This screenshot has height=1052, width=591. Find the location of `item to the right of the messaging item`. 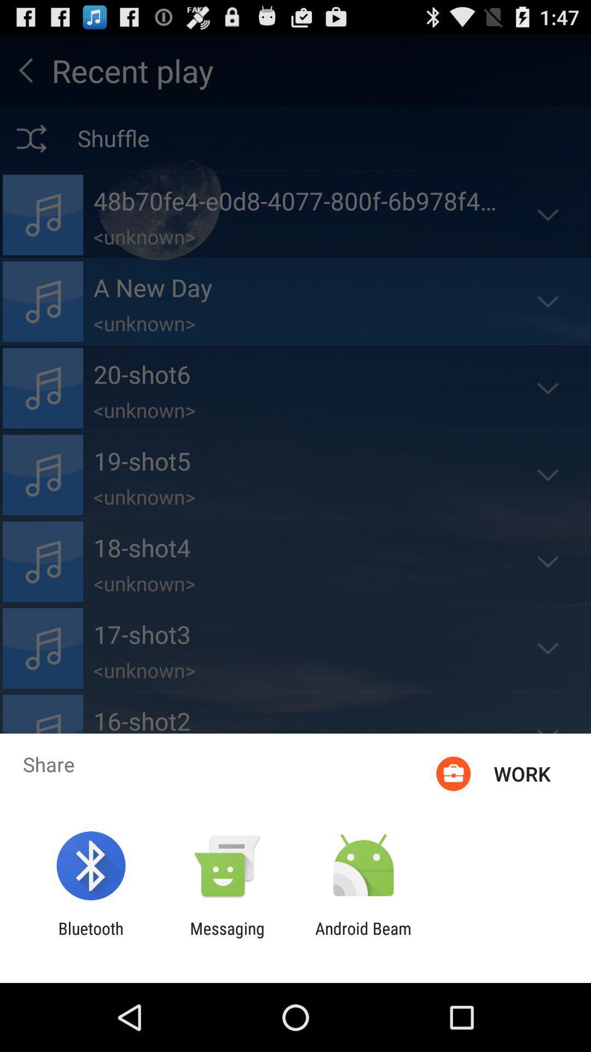

item to the right of the messaging item is located at coordinates (363, 937).